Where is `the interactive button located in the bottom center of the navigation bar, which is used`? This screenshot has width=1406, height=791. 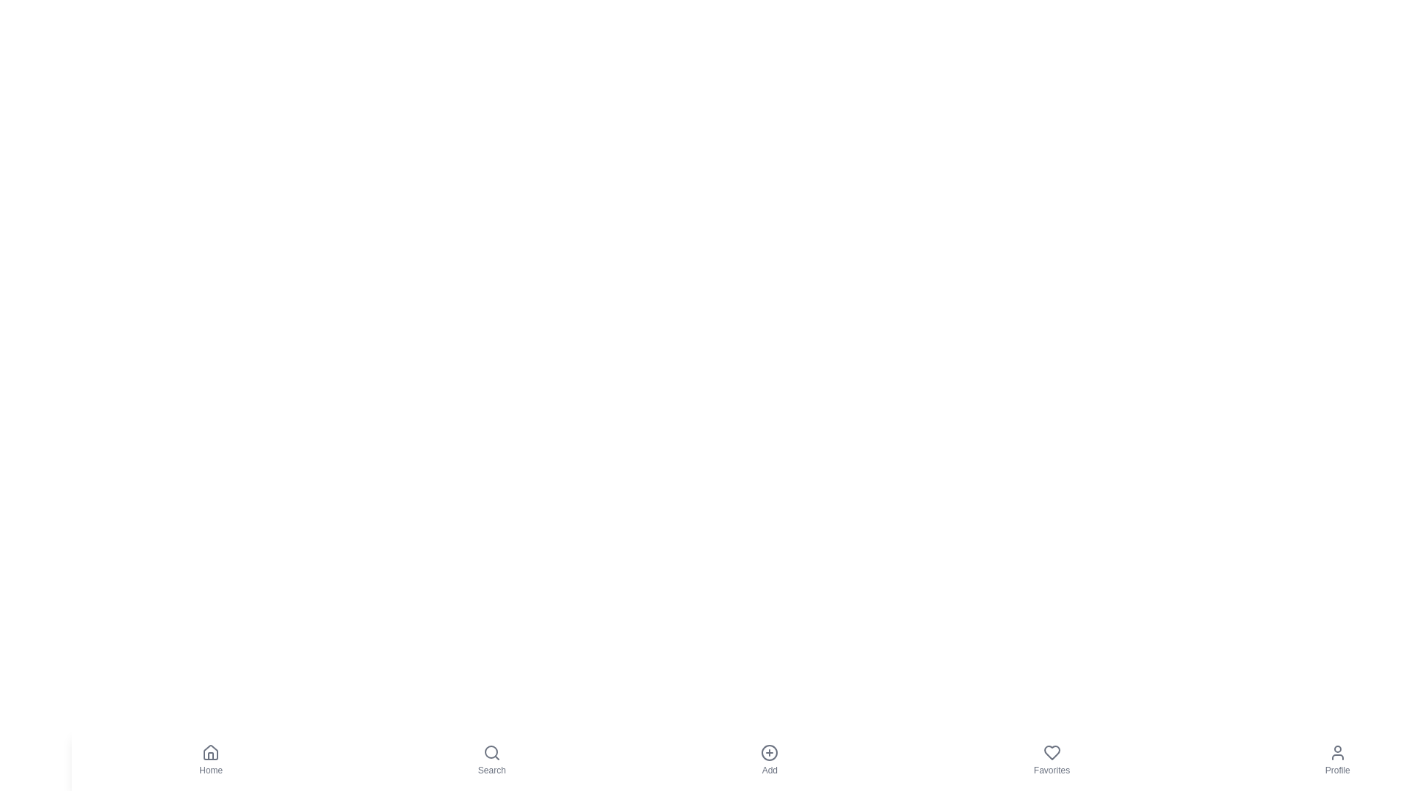
the interactive button located in the bottom center of the navigation bar, which is used is located at coordinates (769, 759).